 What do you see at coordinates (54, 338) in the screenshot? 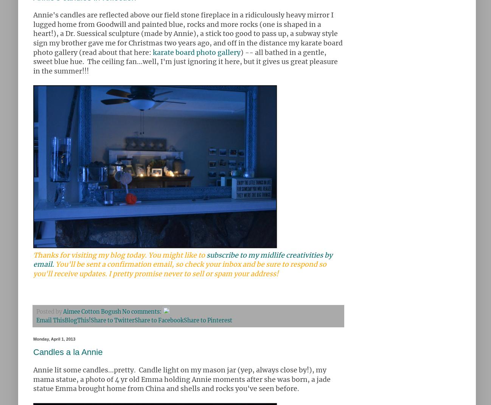
I see `'Monday, April 1, 2013'` at bounding box center [54, 338].